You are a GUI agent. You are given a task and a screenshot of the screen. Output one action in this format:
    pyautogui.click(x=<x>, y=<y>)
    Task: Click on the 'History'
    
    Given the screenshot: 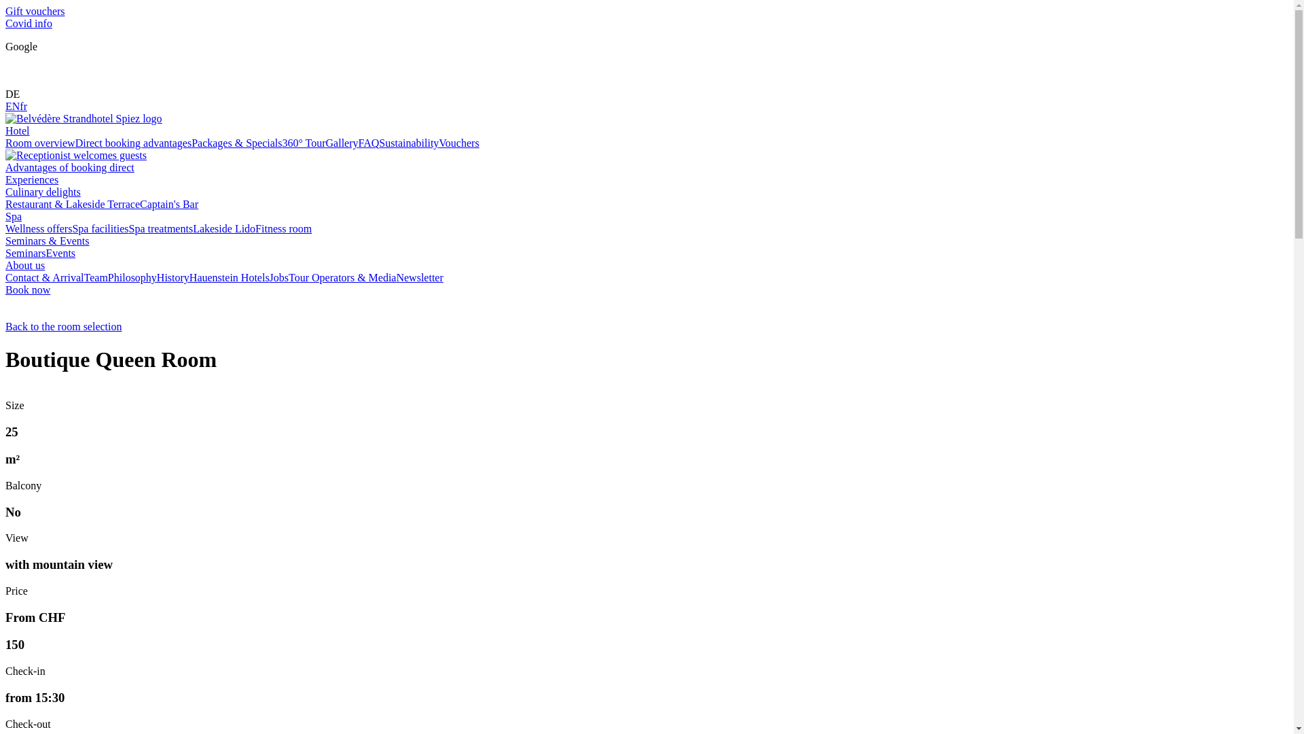 What is the action you would take?
    pyautogui.click(x=172, y=277)
    